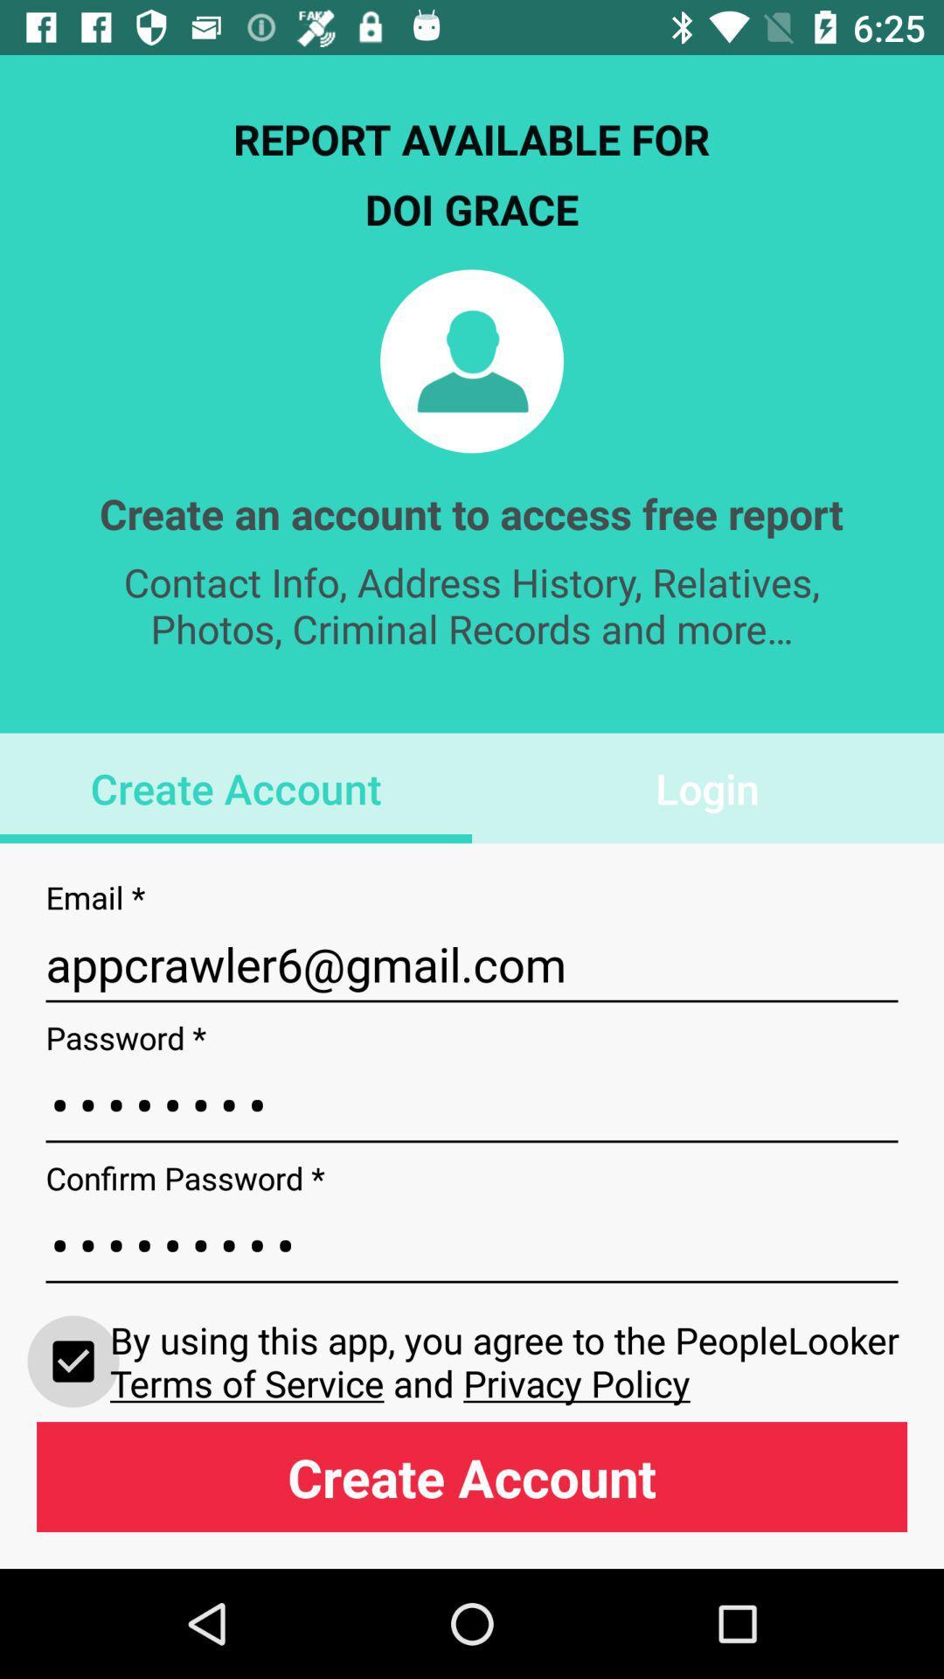 Image resolution: width=944 pixels, height=1679 pixels. I want to click on the icon at the bottom left corner, so click(73, 1360).